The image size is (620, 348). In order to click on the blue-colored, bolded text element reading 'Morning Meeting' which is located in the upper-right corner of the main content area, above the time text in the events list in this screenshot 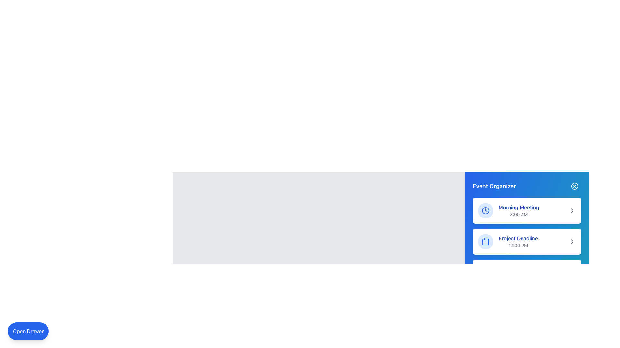, I will do `click(519, 208)`.